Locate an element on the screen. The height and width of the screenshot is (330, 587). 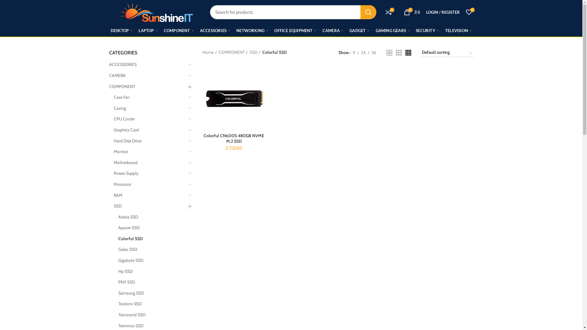
'ACCESSORIES' is located at coordinates (147, 65).